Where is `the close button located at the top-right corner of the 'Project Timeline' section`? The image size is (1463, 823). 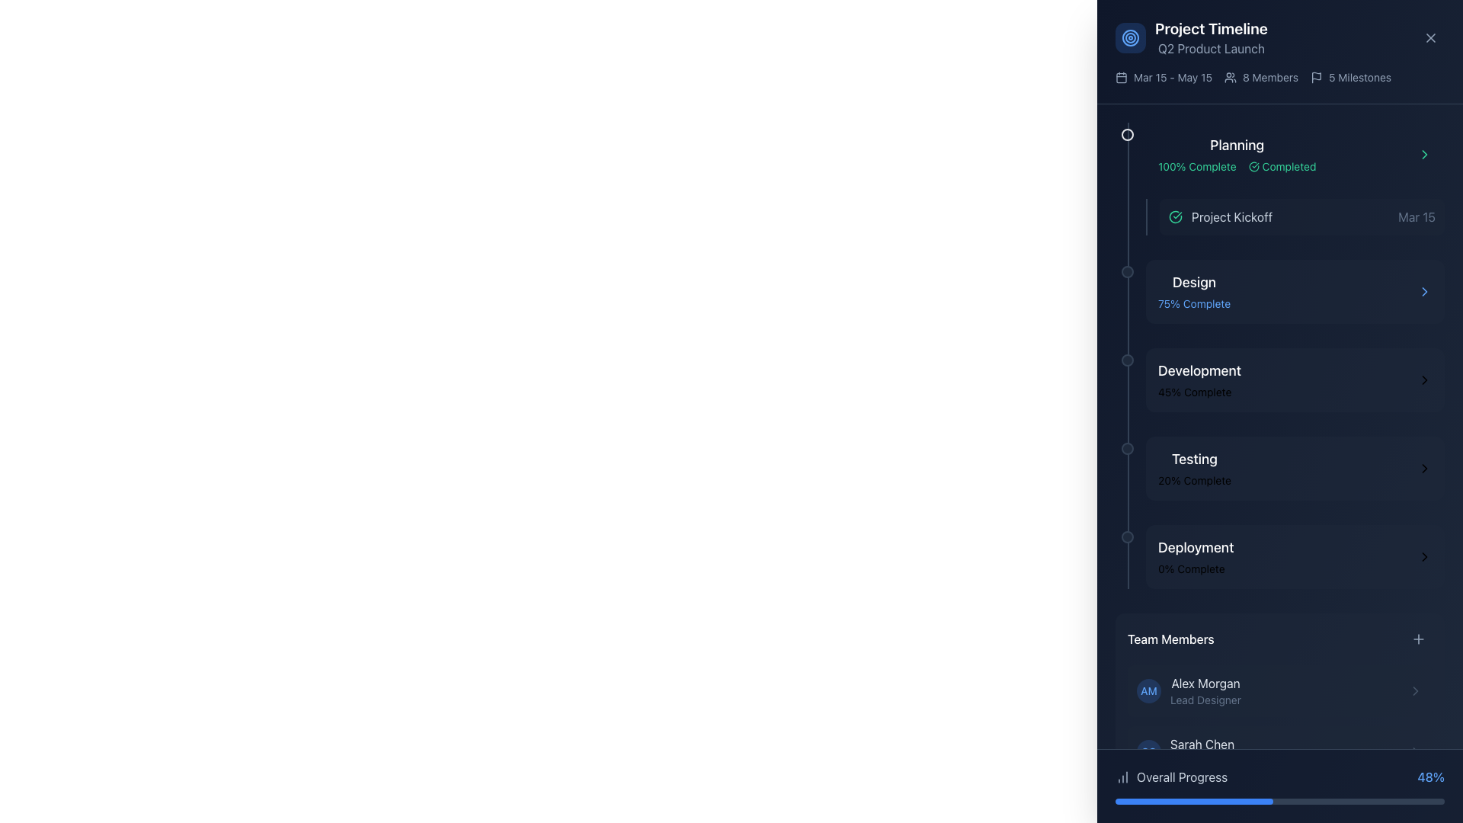
the close button located at the top-right corner of the 'Project Timeline' section is located at coordinates (1429, 37).